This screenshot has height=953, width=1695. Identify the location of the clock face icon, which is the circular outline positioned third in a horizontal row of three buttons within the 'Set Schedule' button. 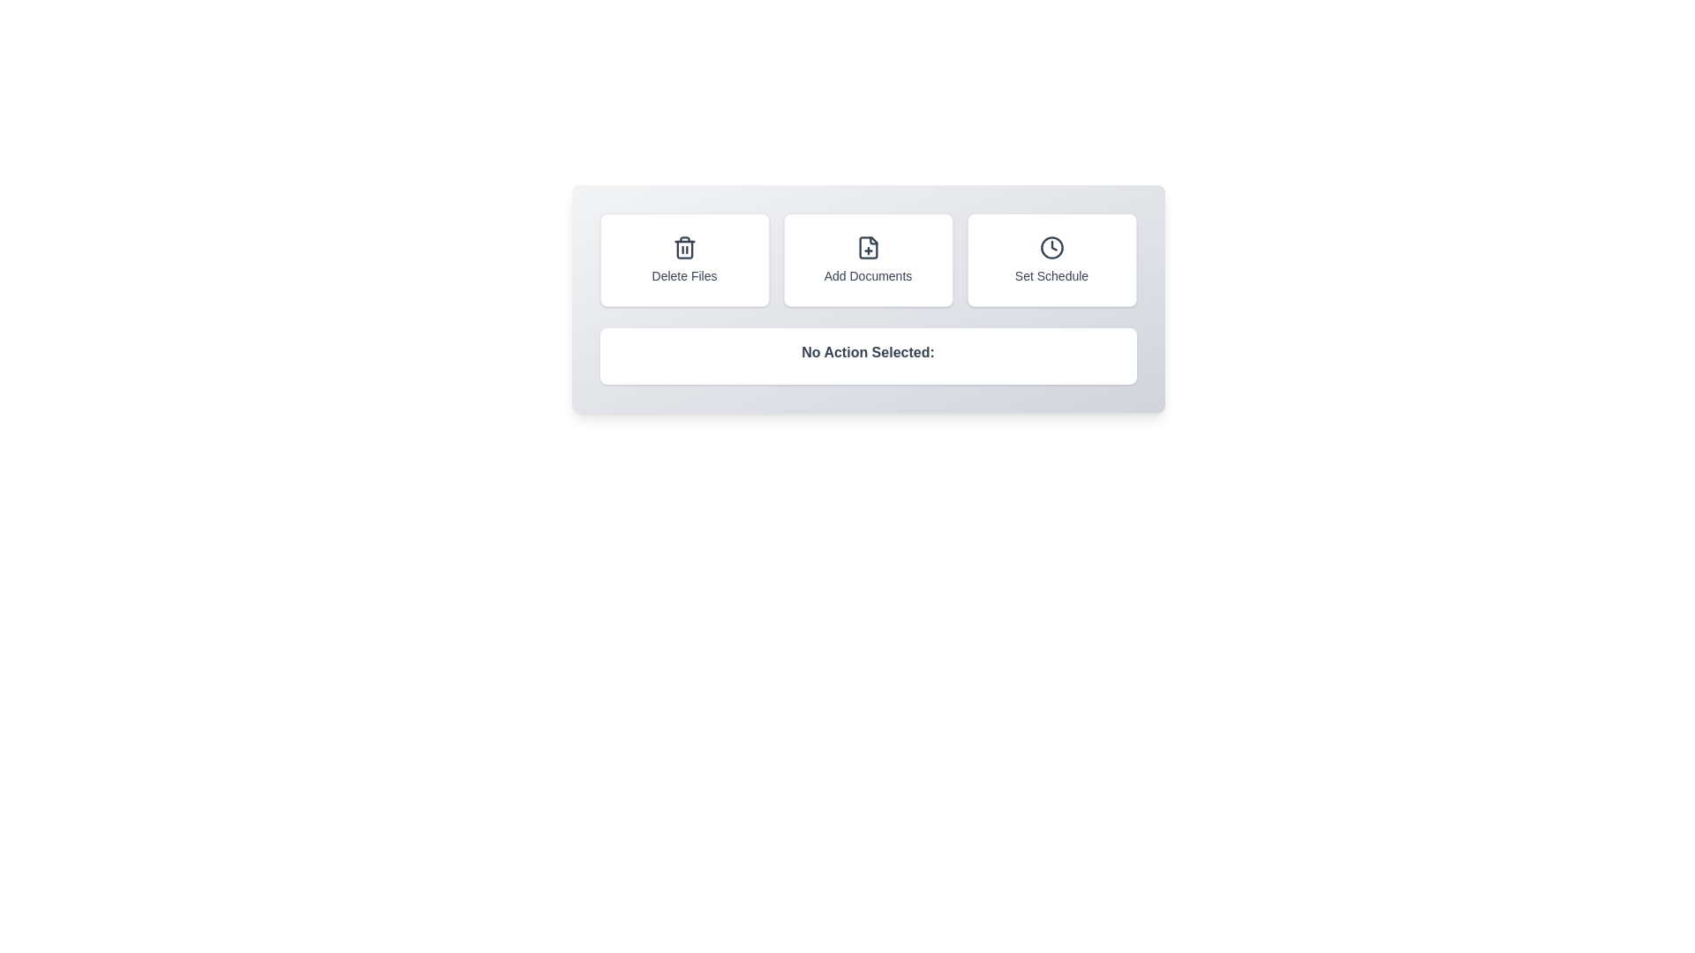
(1051, 248).